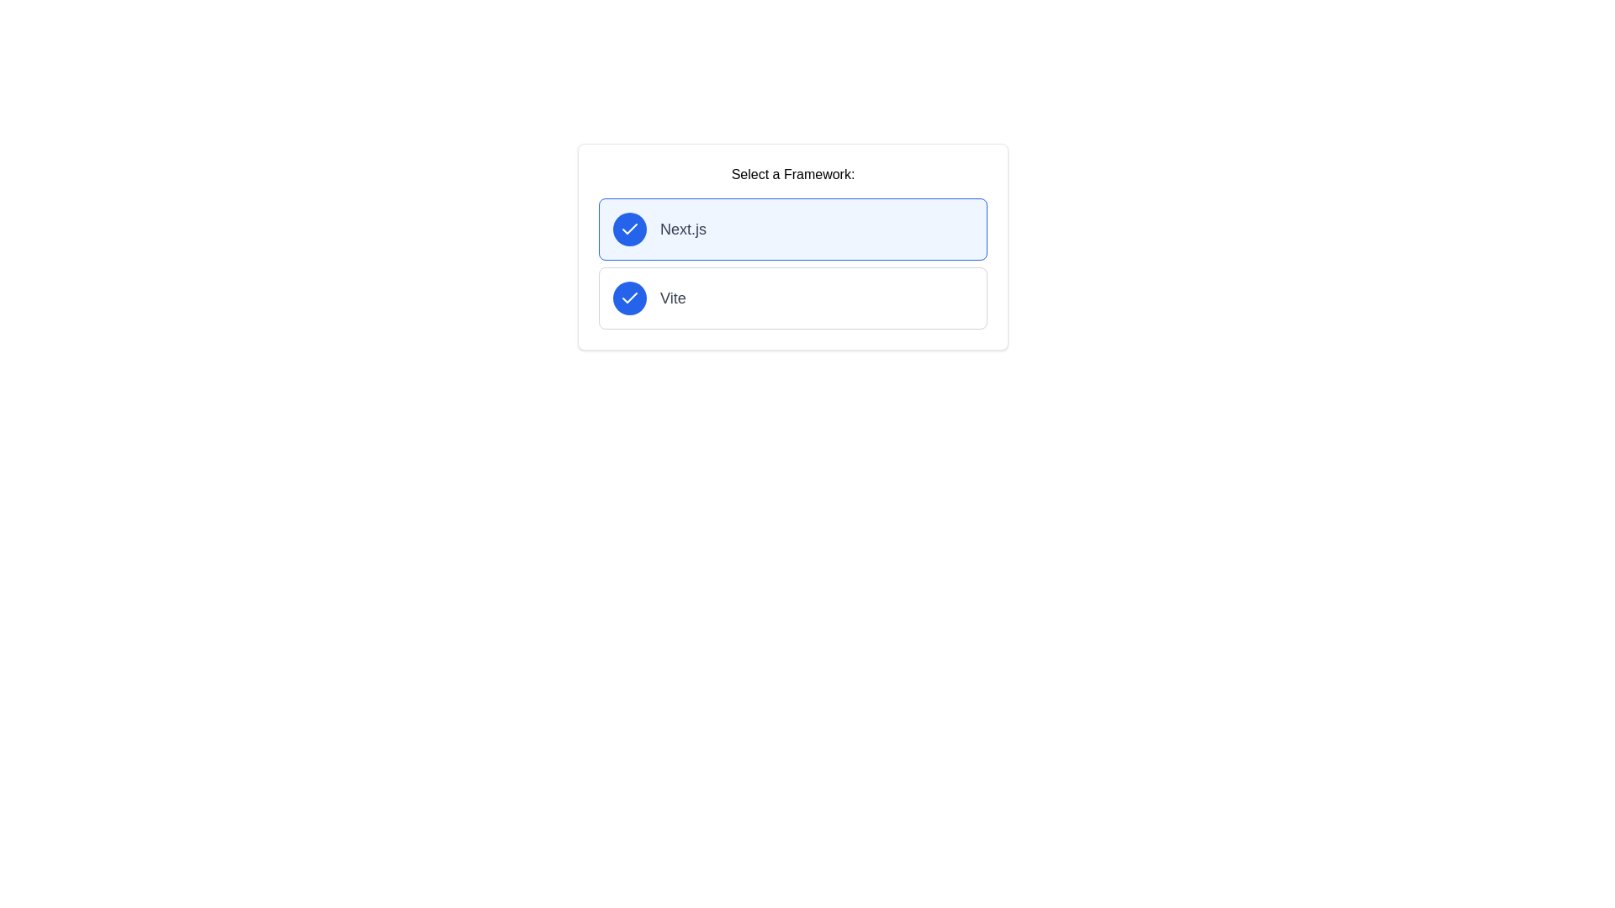 The image size is (1615, 908). Describe the element at coordinates (792, 297) in the screenshot. I see `the 'Vite' radio button option` at that location.